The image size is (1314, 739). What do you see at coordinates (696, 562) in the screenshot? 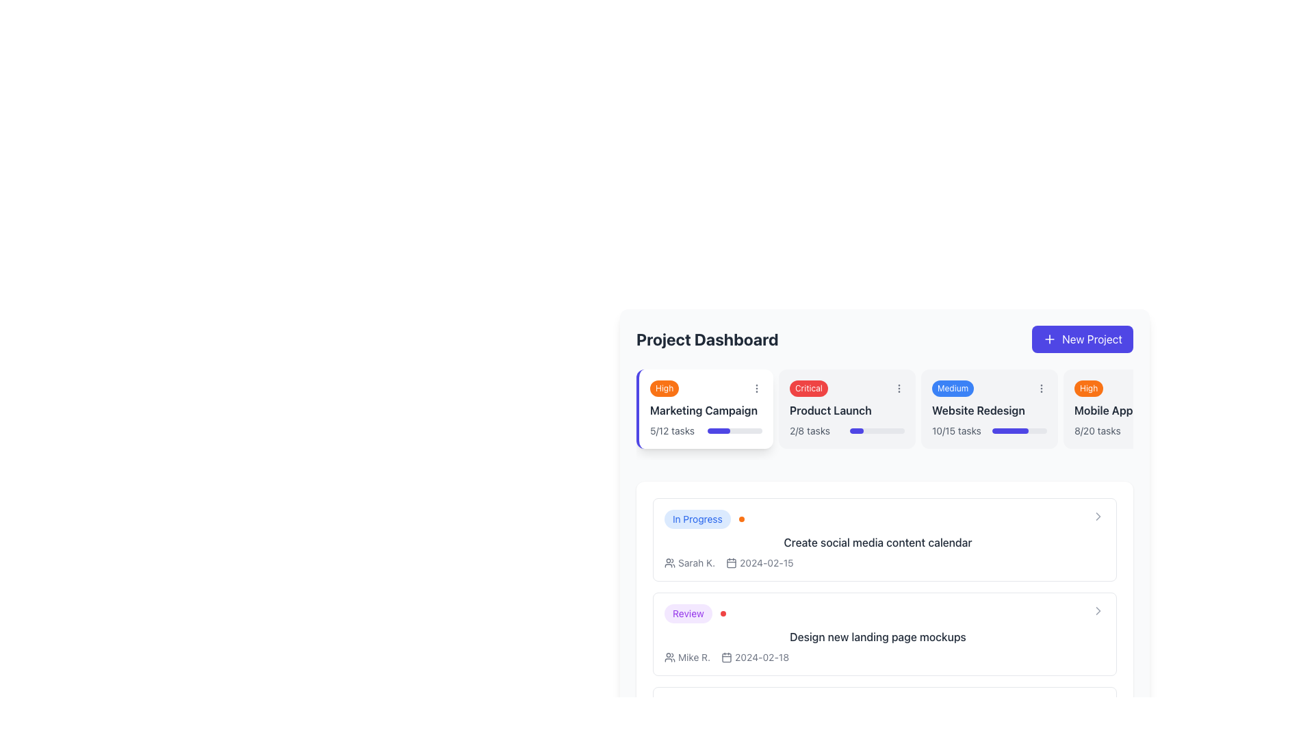
I see `the text label that displays the name or identifier associated with a user or task assignee, located below the 'In Progress' tag within the task card section and to the immediate right of a small user icon illustration` at bounding box center [696, 562].